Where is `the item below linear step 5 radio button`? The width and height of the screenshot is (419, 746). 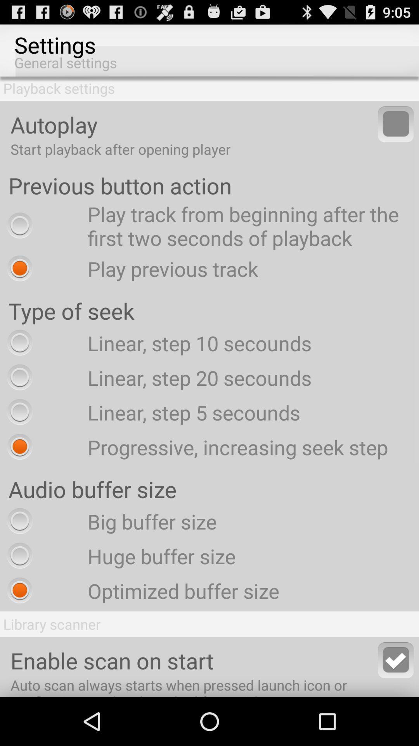
the item below linear step 5 radio button is located at coordinates (195, 447).